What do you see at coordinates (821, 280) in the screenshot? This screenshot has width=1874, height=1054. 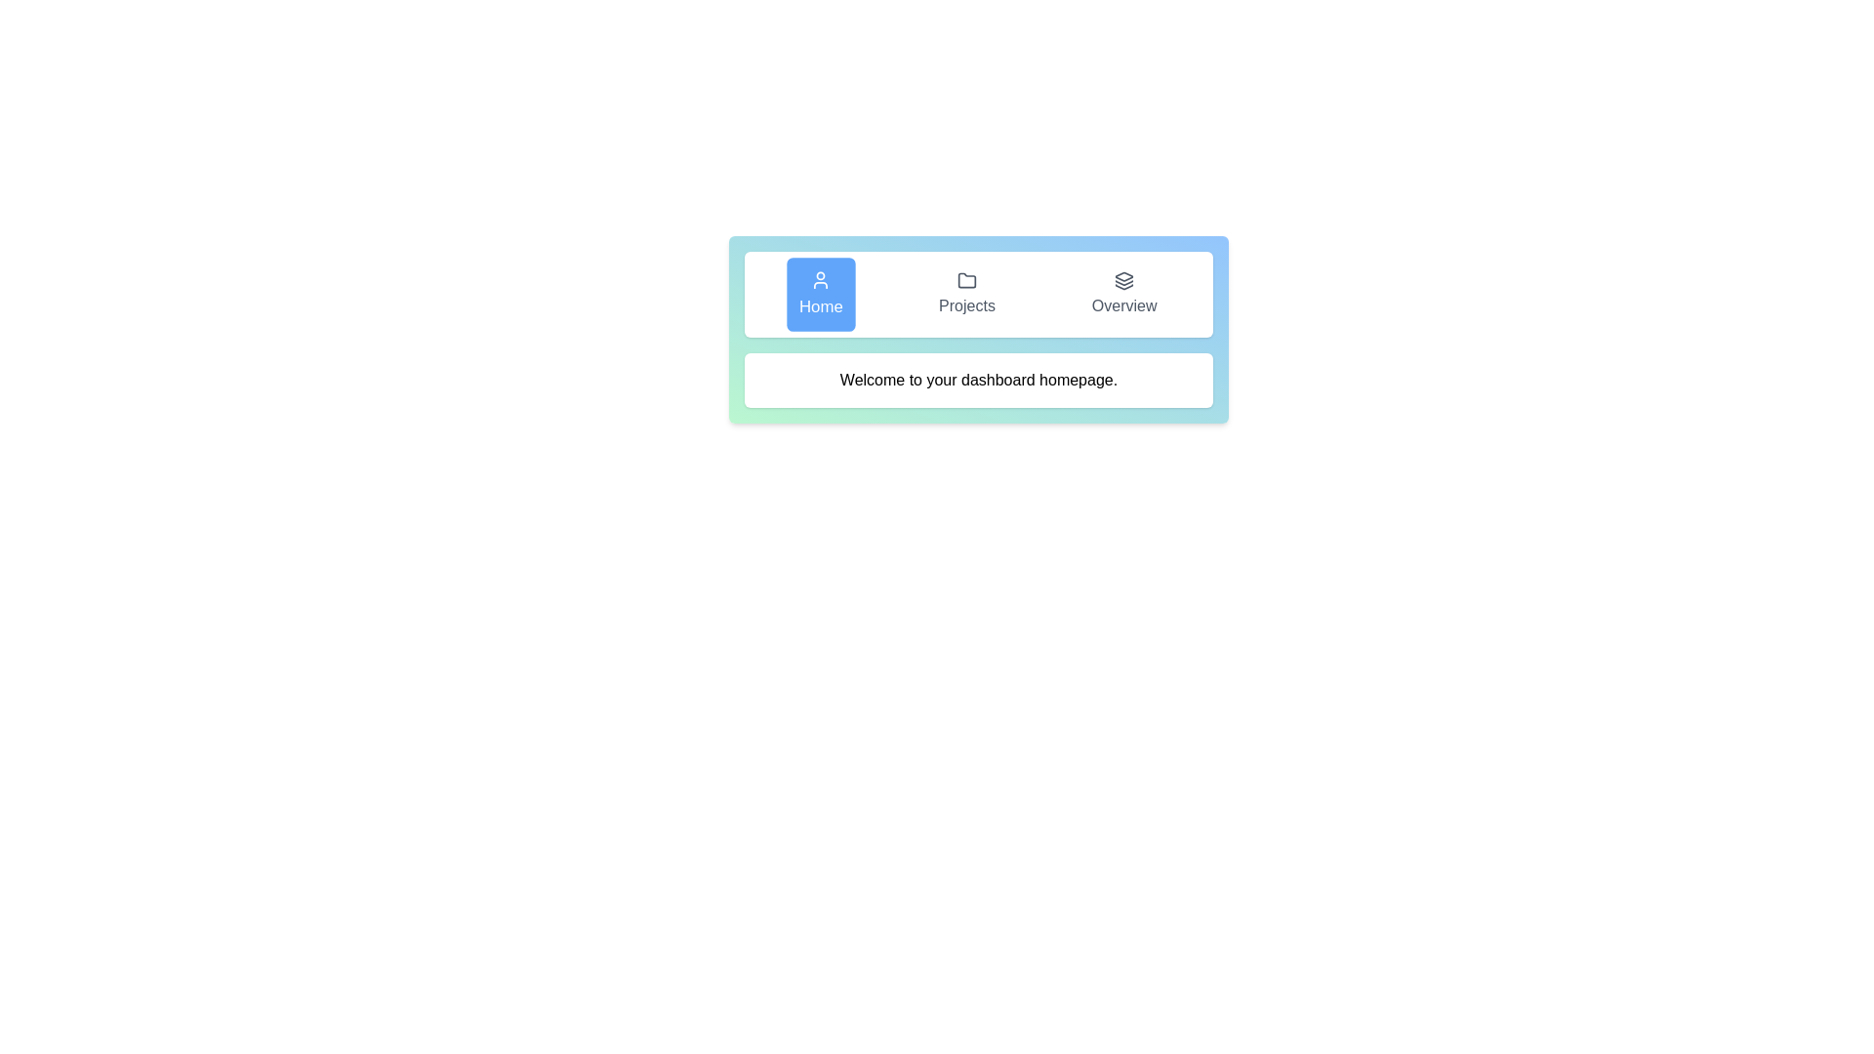 I see `the 'Home' graphic icon located in the top-left corner of the navigation menu, which represents the home functionality` at bounding box center [821, 280].